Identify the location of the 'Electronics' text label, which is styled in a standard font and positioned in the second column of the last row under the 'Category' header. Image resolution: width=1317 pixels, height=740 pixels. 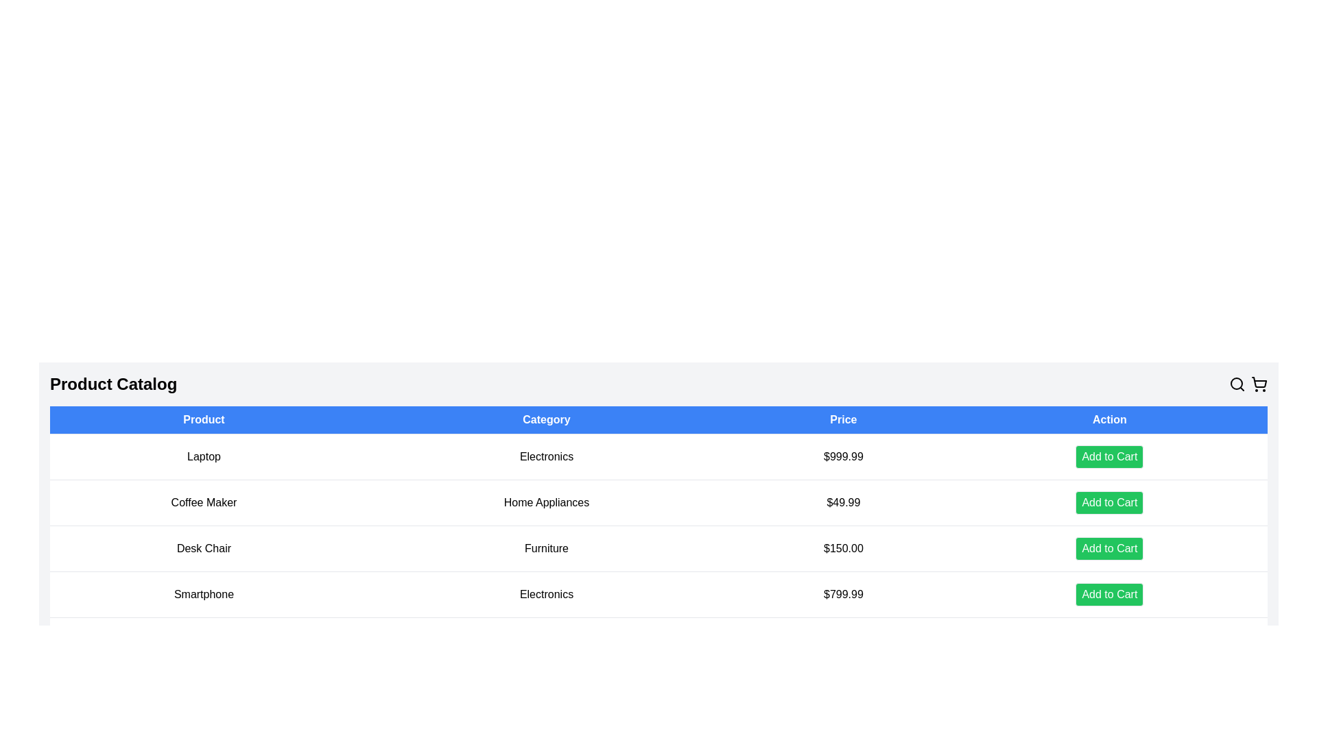
(545, 593).